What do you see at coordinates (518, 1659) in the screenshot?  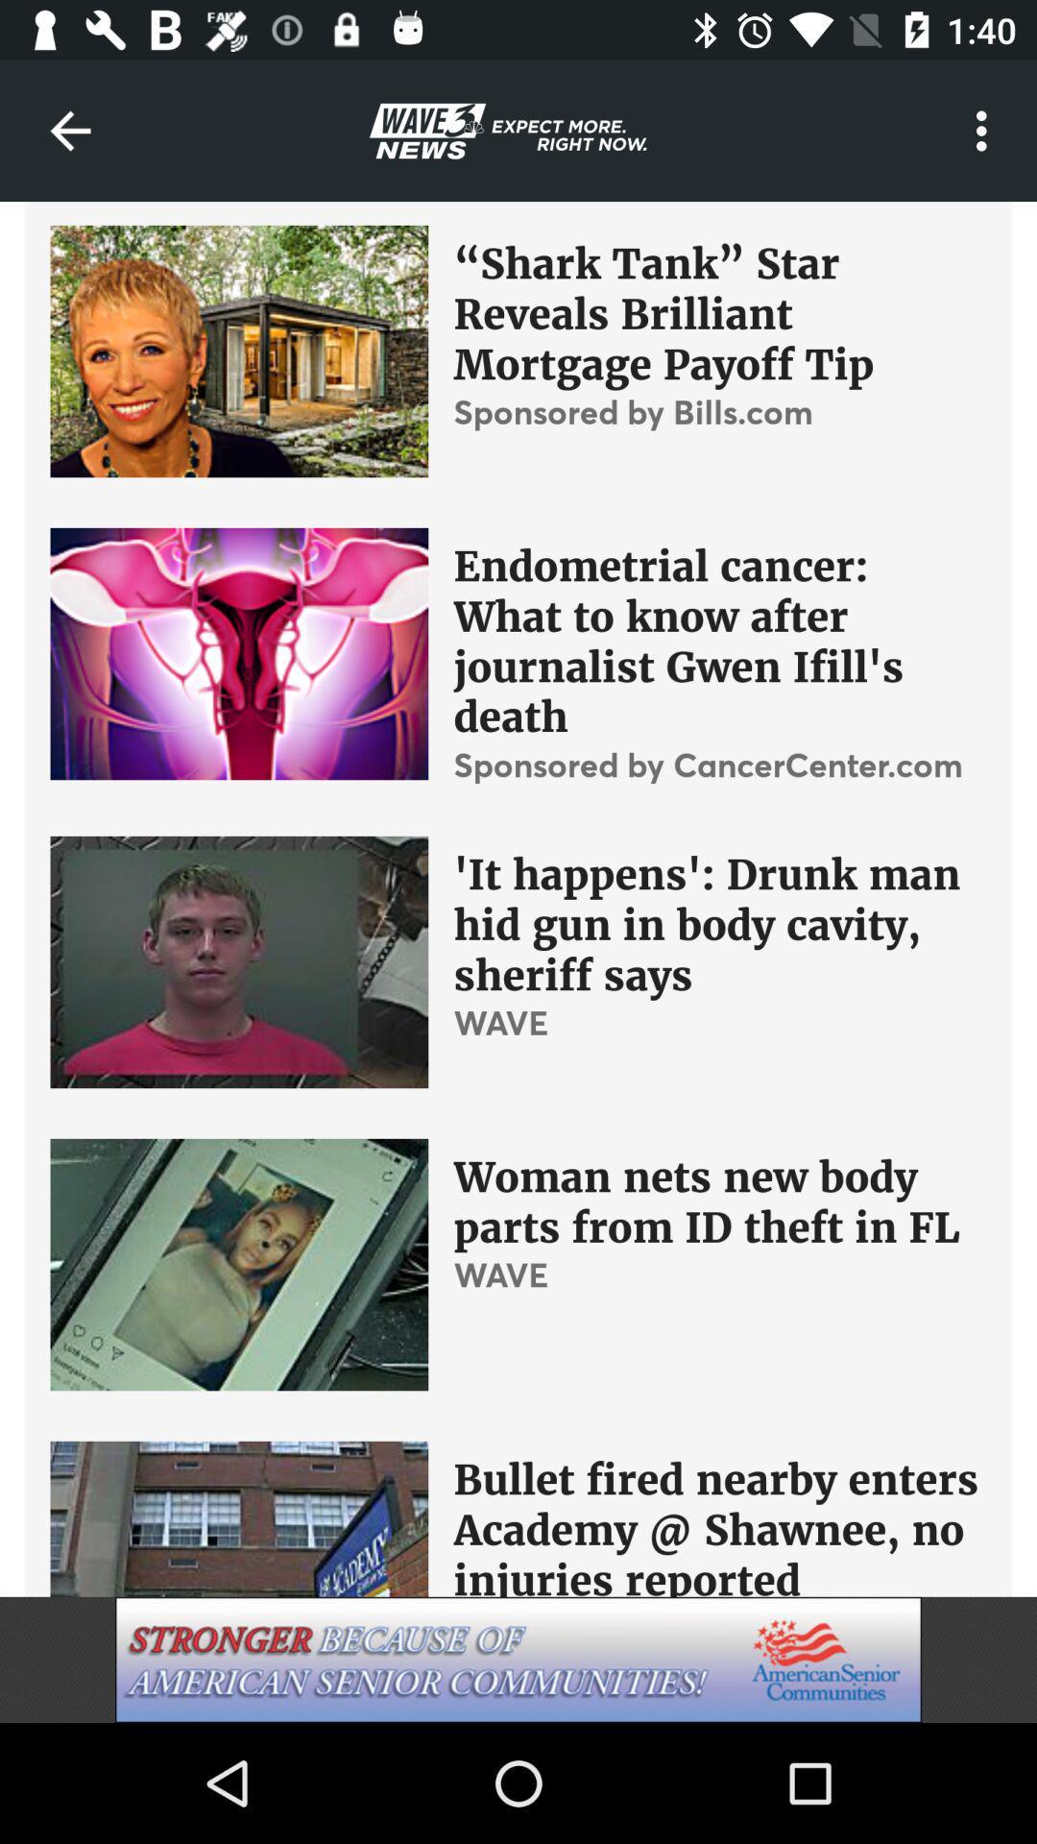 I see `american senior communities advertisement` at bounding box center [518, 1659].